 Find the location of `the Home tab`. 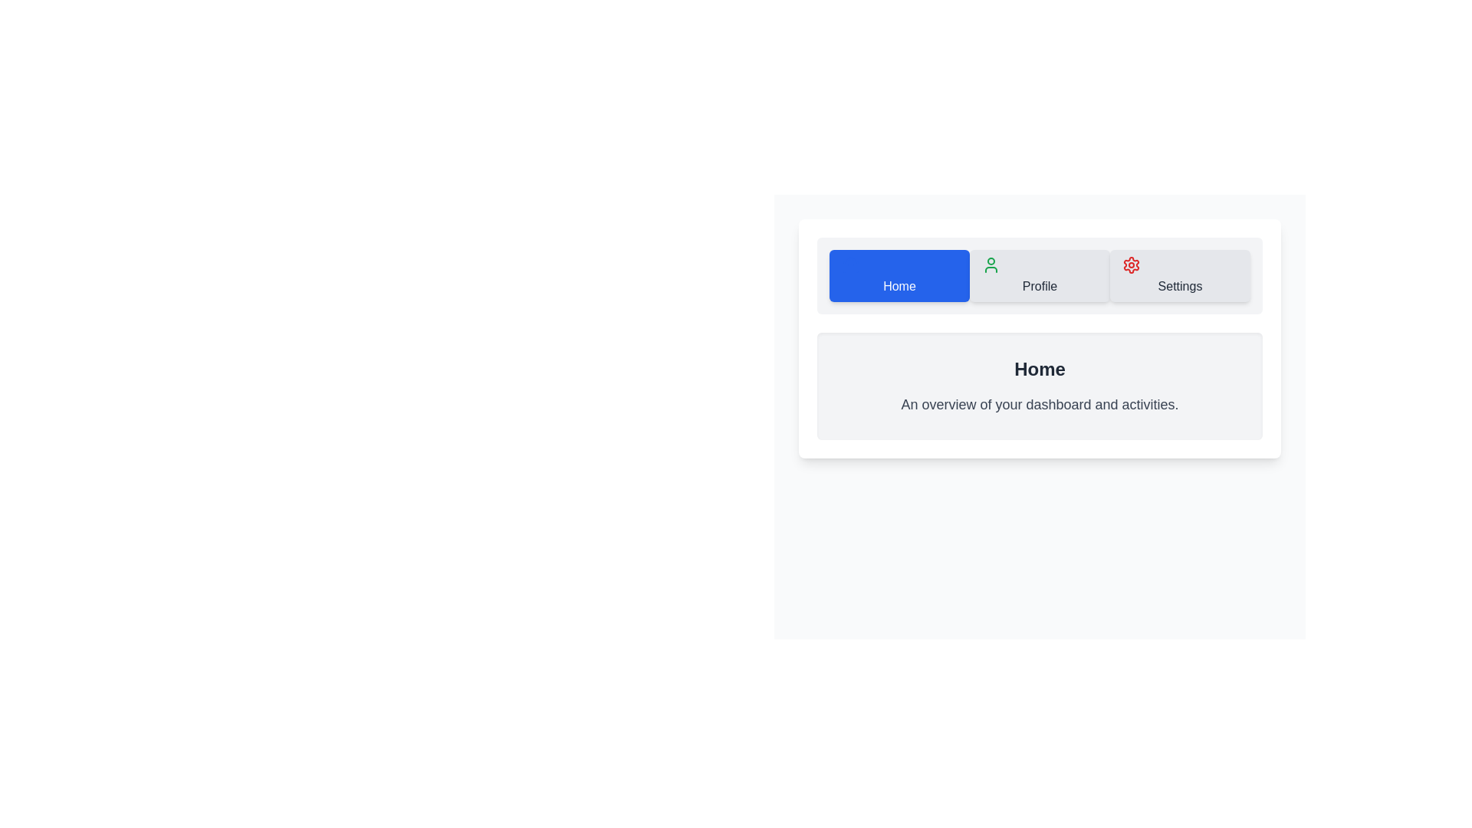

the Home tab is located at coordinates (899, 274).